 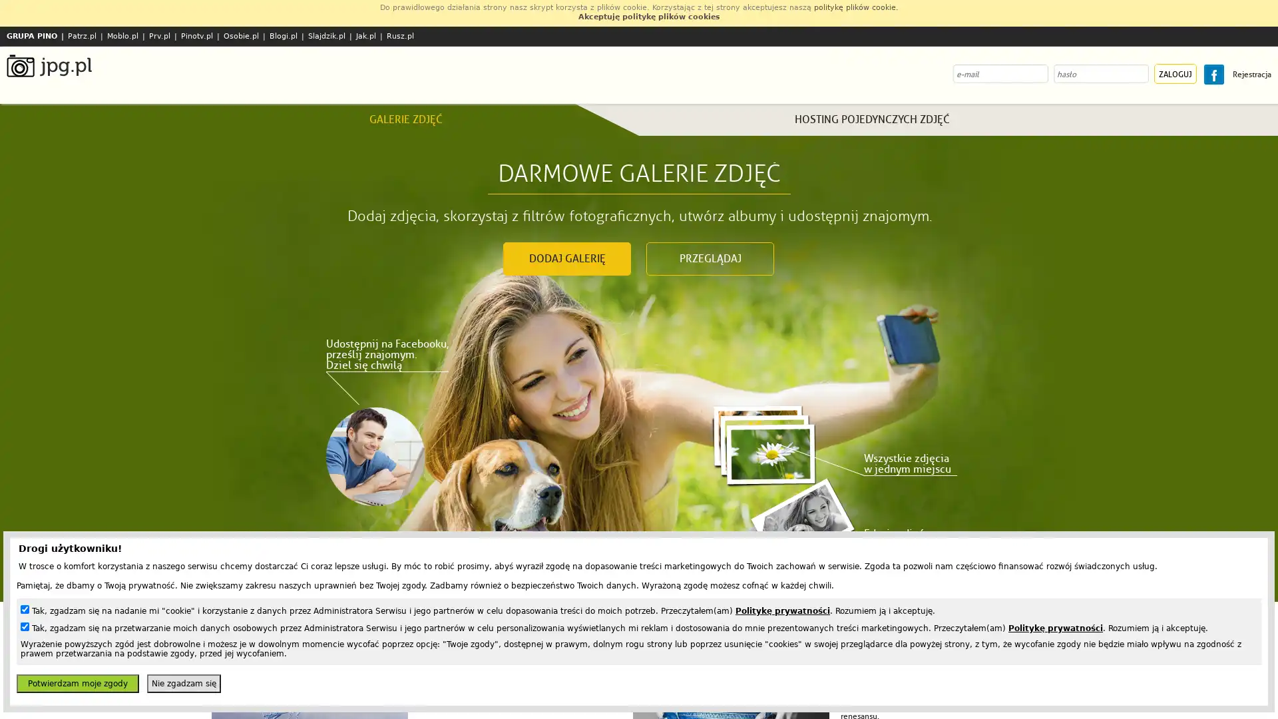 I want to click on Zaloguj, so click(x=1175, y=74).